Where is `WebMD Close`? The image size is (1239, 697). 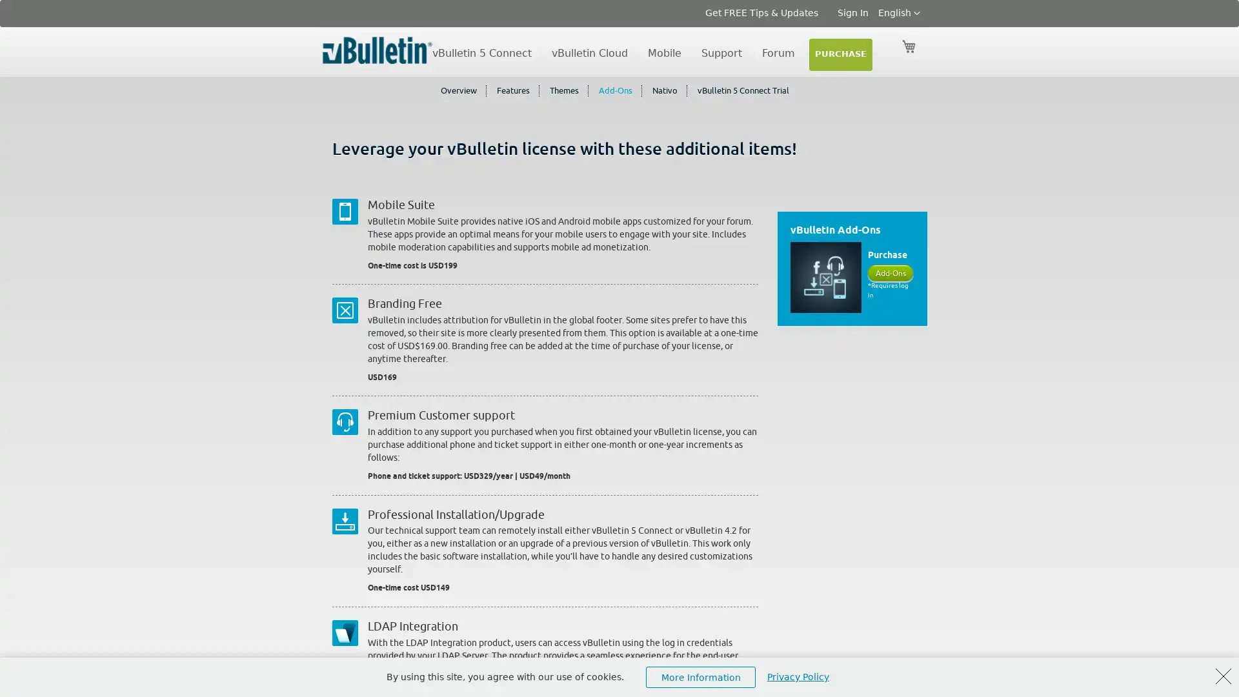 WebMD Close is located at coordinates (1223, 676).